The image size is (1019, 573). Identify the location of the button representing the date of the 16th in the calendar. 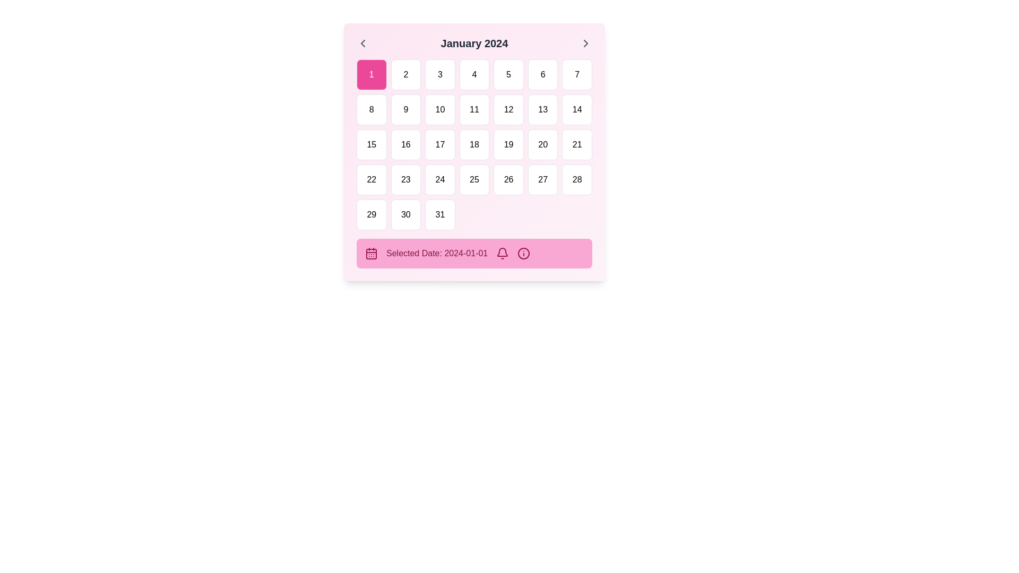
(405, 145).